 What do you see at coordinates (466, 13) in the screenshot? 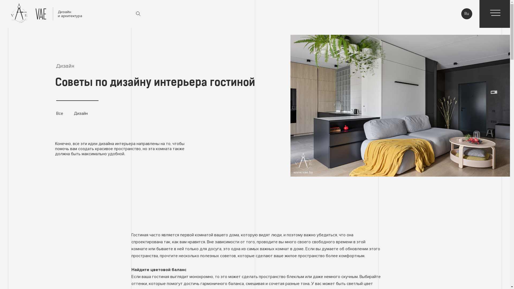
I see `'Ru'` at bounding box center [466, 13].